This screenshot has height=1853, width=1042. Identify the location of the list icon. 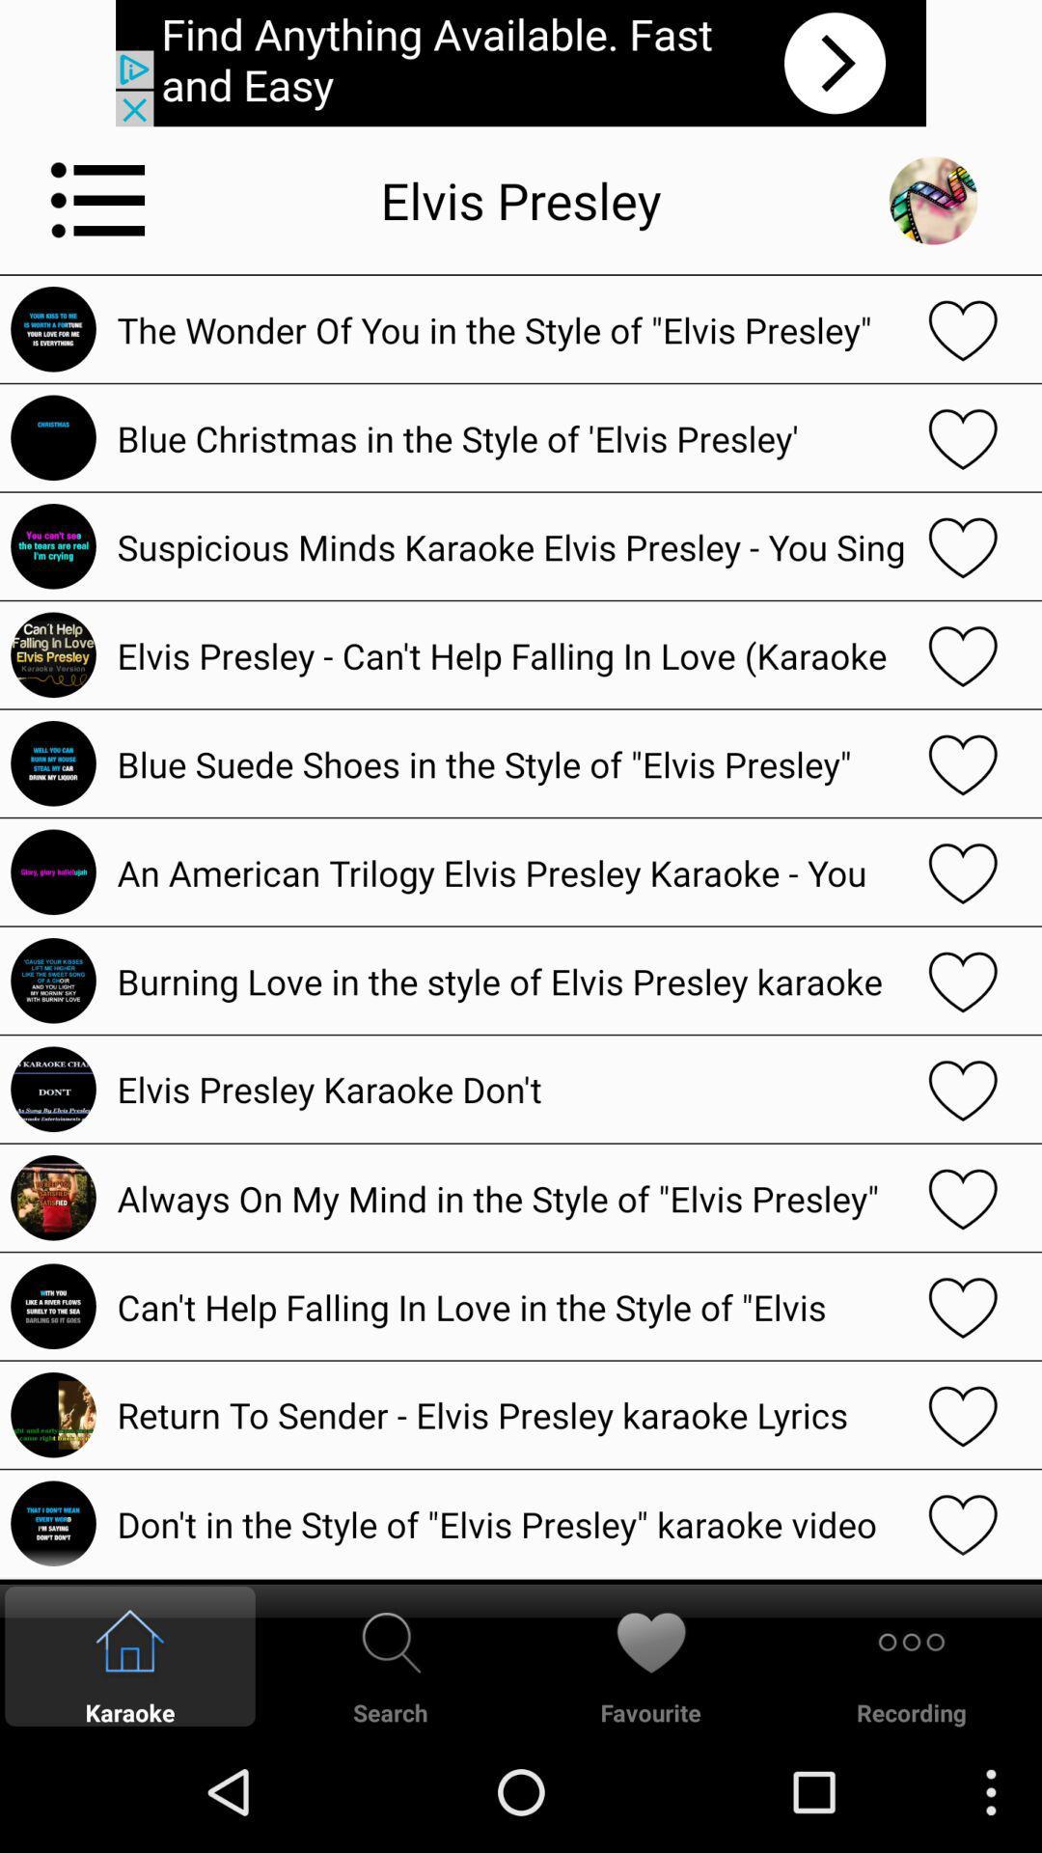
(98, 214).